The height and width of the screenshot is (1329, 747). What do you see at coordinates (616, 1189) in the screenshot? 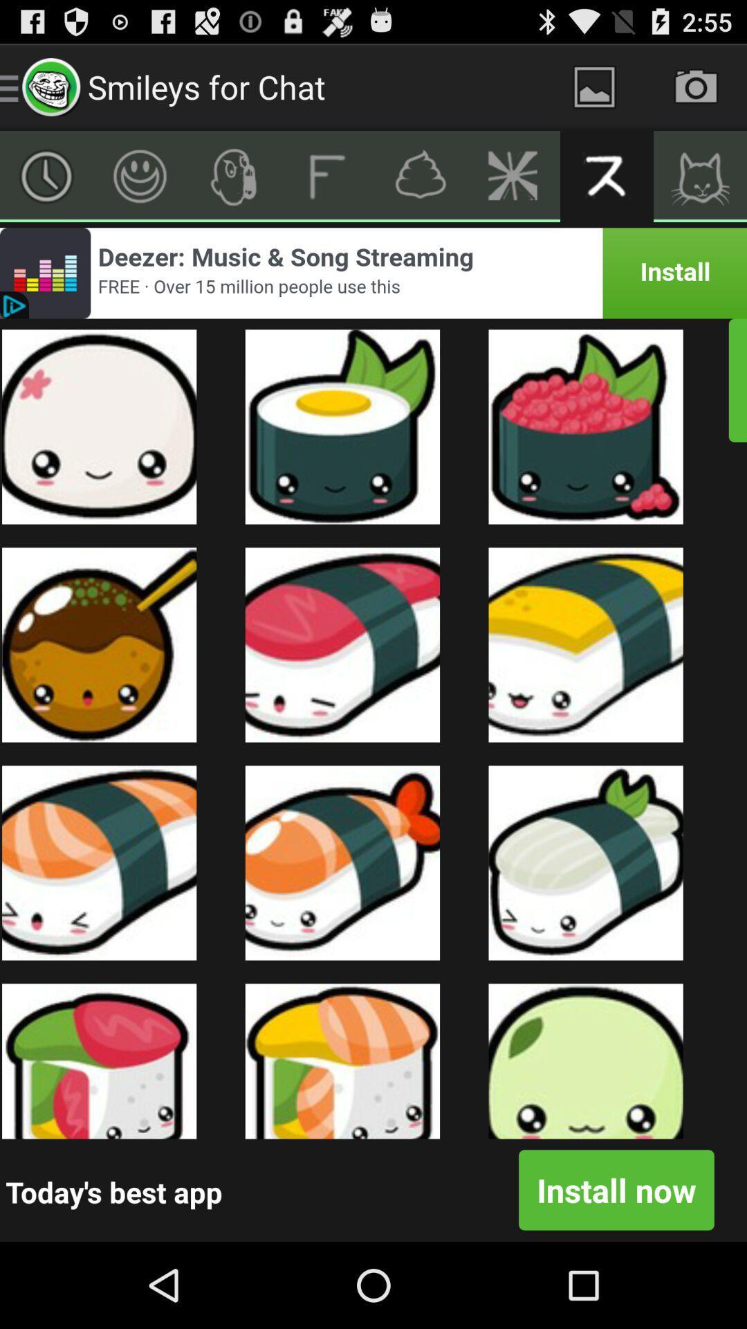
I see `install now` at bounding box center [616, 1189].